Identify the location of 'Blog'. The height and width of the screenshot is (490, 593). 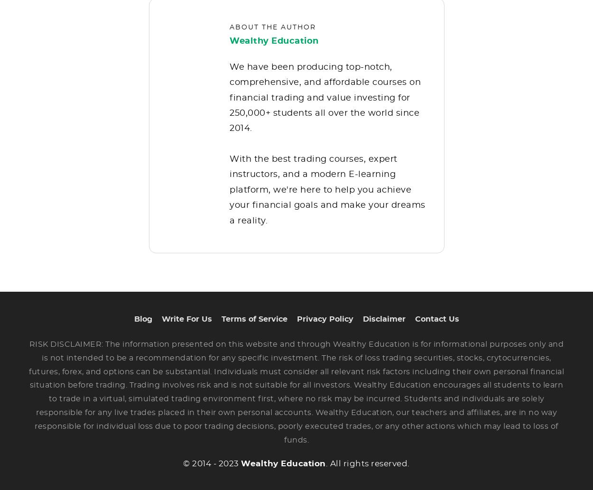
(143, 325).